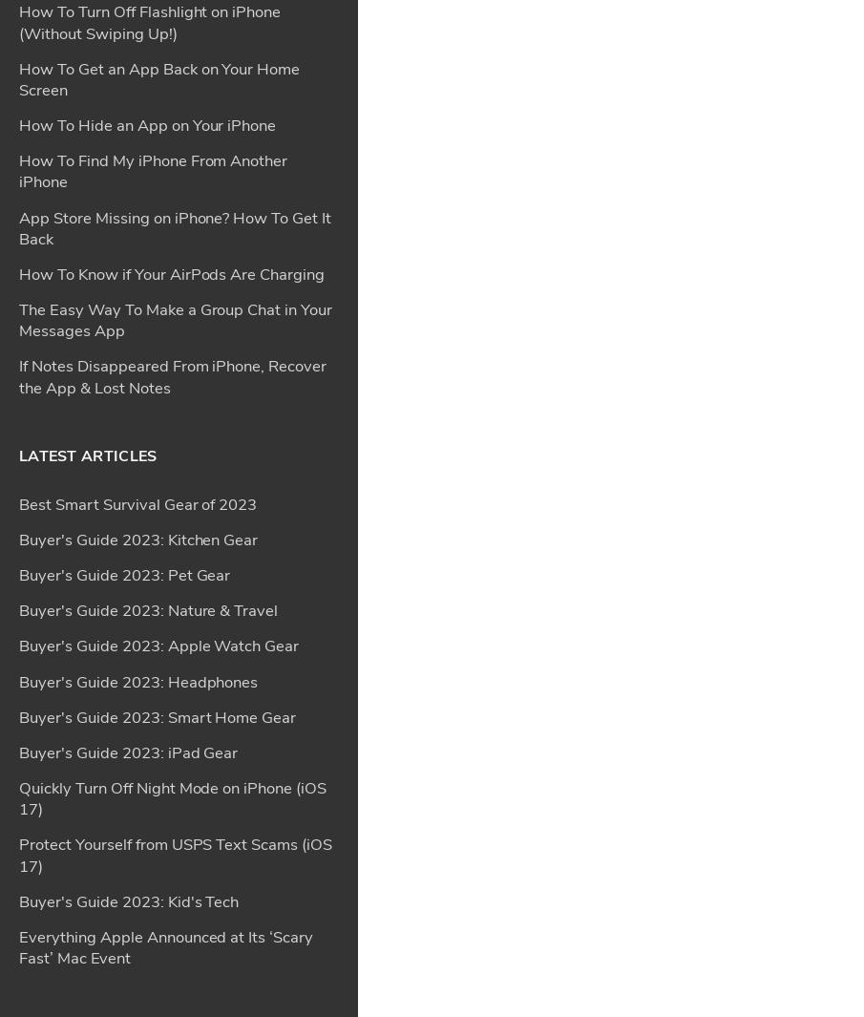 The width and height of the screenshot is (864, 1017). Describe the element at coordinates (123, 12) in the screenshot. I see `'Buyer's Guide 2023: Pet Gear'` at that location.